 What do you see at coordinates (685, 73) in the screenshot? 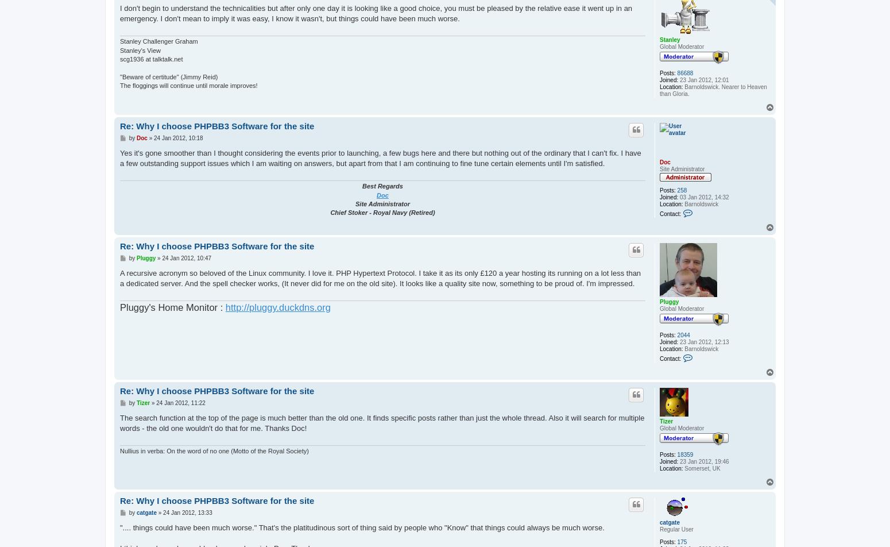
I see `'86688'` at bounding box center [685, 73].